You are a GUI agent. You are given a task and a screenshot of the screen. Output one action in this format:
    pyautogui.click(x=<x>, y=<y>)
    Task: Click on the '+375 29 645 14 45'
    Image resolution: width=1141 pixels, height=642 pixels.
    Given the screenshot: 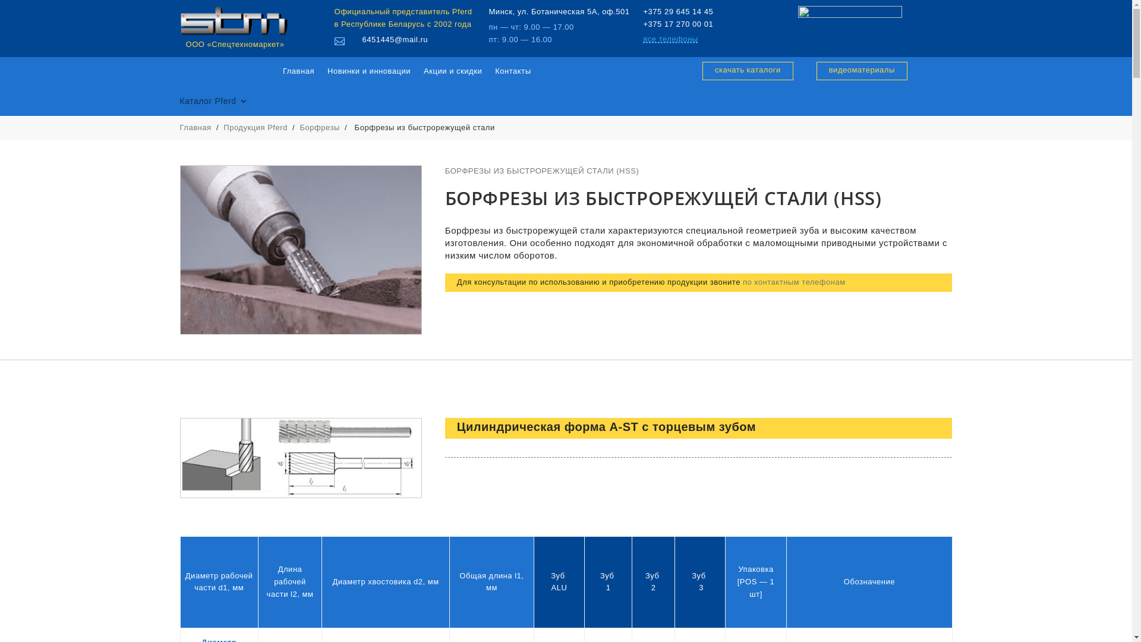 What is the action you would take?
    pyautogui.click(x=678, y=11)
    